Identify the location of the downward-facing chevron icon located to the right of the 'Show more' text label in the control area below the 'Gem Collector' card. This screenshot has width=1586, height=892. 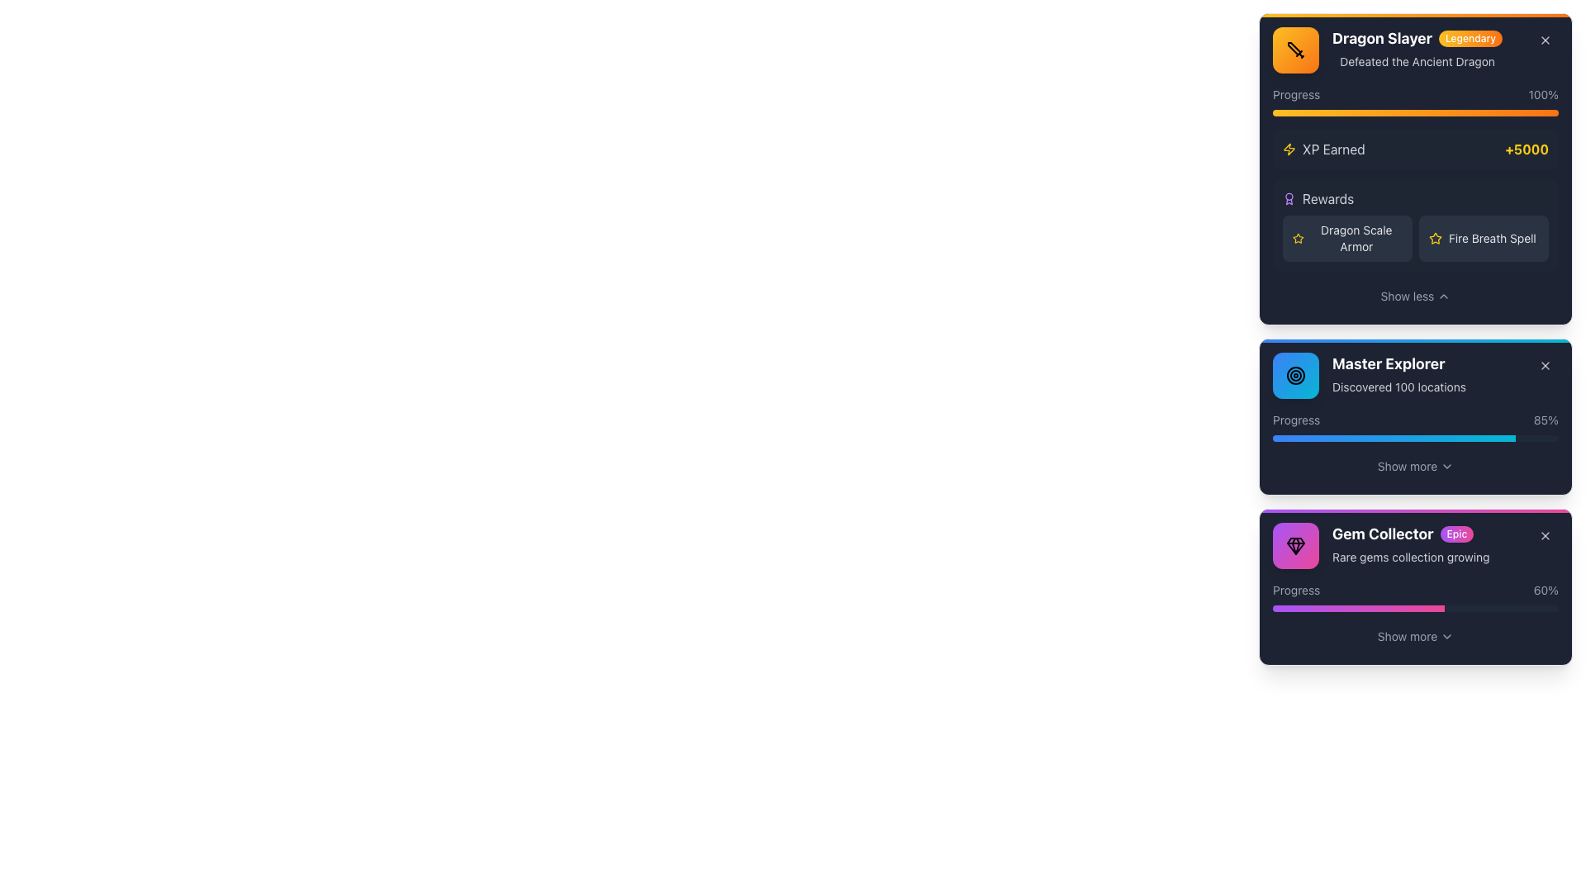
(1446, 636).